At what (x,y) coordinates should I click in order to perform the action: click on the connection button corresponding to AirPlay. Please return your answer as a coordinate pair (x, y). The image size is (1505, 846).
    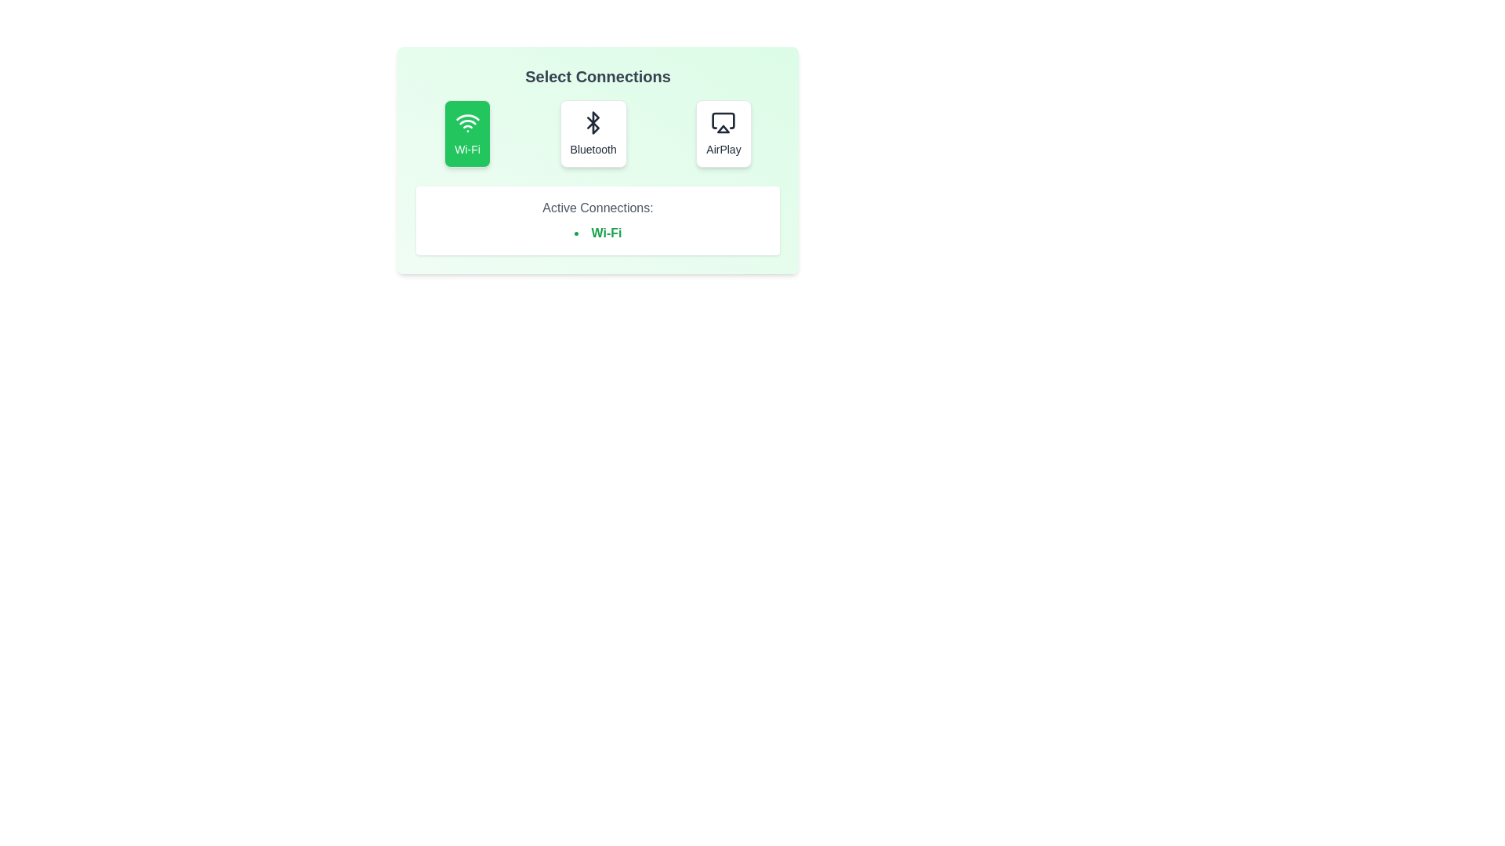
    Looking at the image, I should click on (723, 132).